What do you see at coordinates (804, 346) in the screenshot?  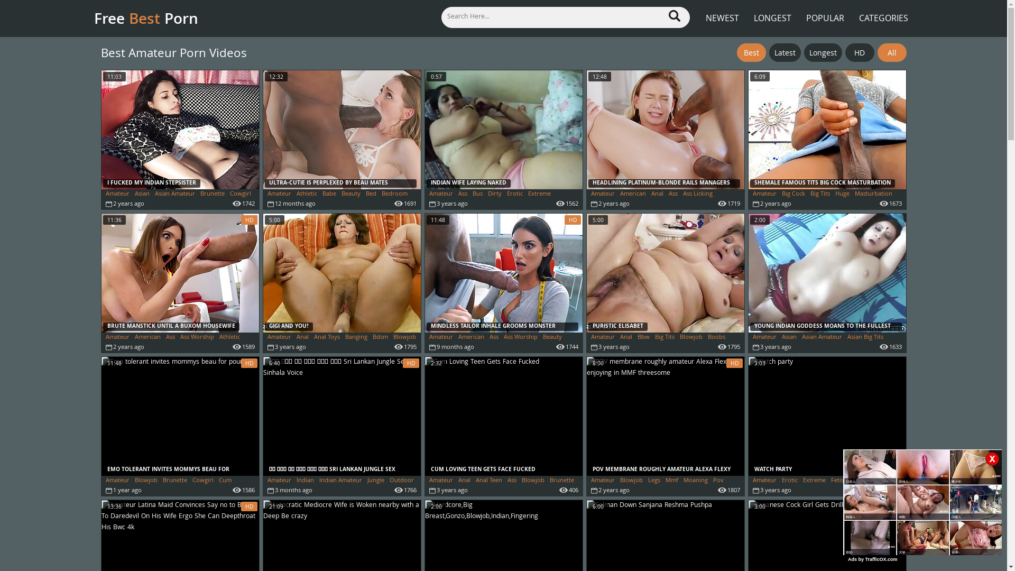 I see `'Banging'` at bounding box center [804, 346].